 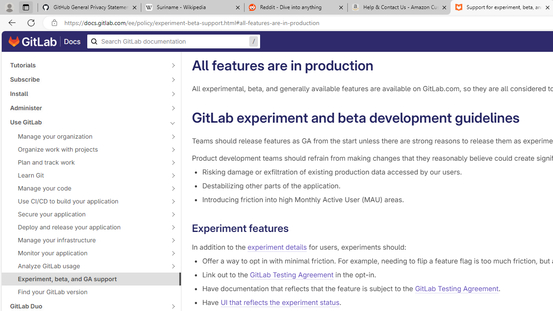 I want to click on 'experiment details', so click(x=277, y=248).